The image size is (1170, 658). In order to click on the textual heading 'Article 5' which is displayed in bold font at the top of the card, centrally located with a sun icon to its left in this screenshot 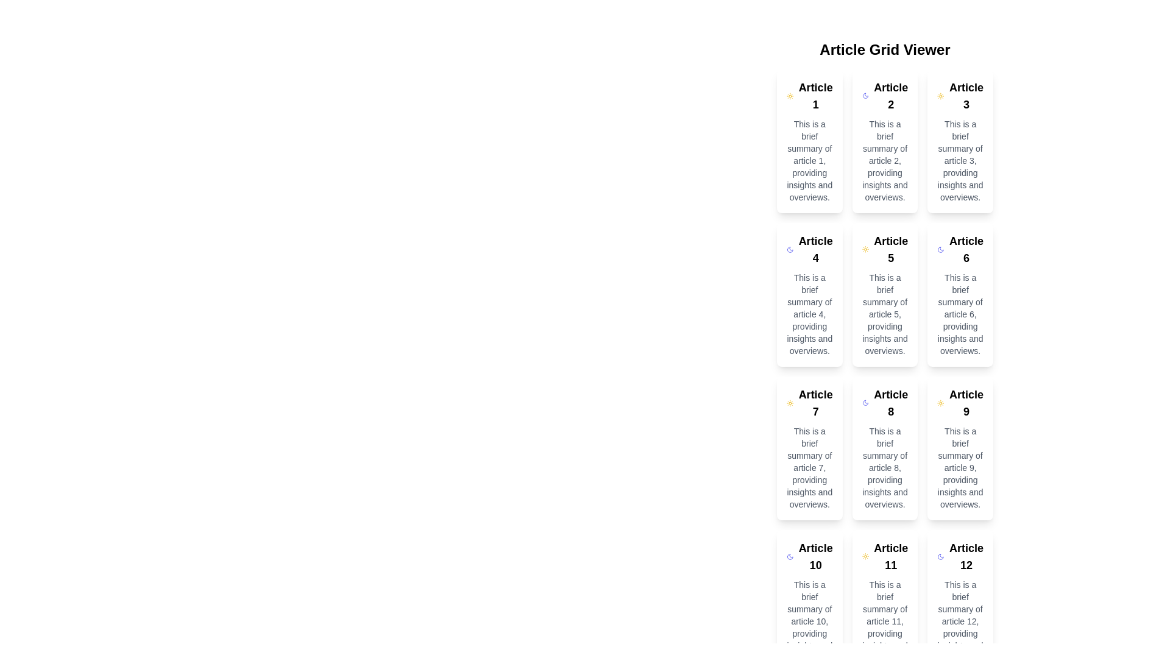, I will do `click(885, 249)`.